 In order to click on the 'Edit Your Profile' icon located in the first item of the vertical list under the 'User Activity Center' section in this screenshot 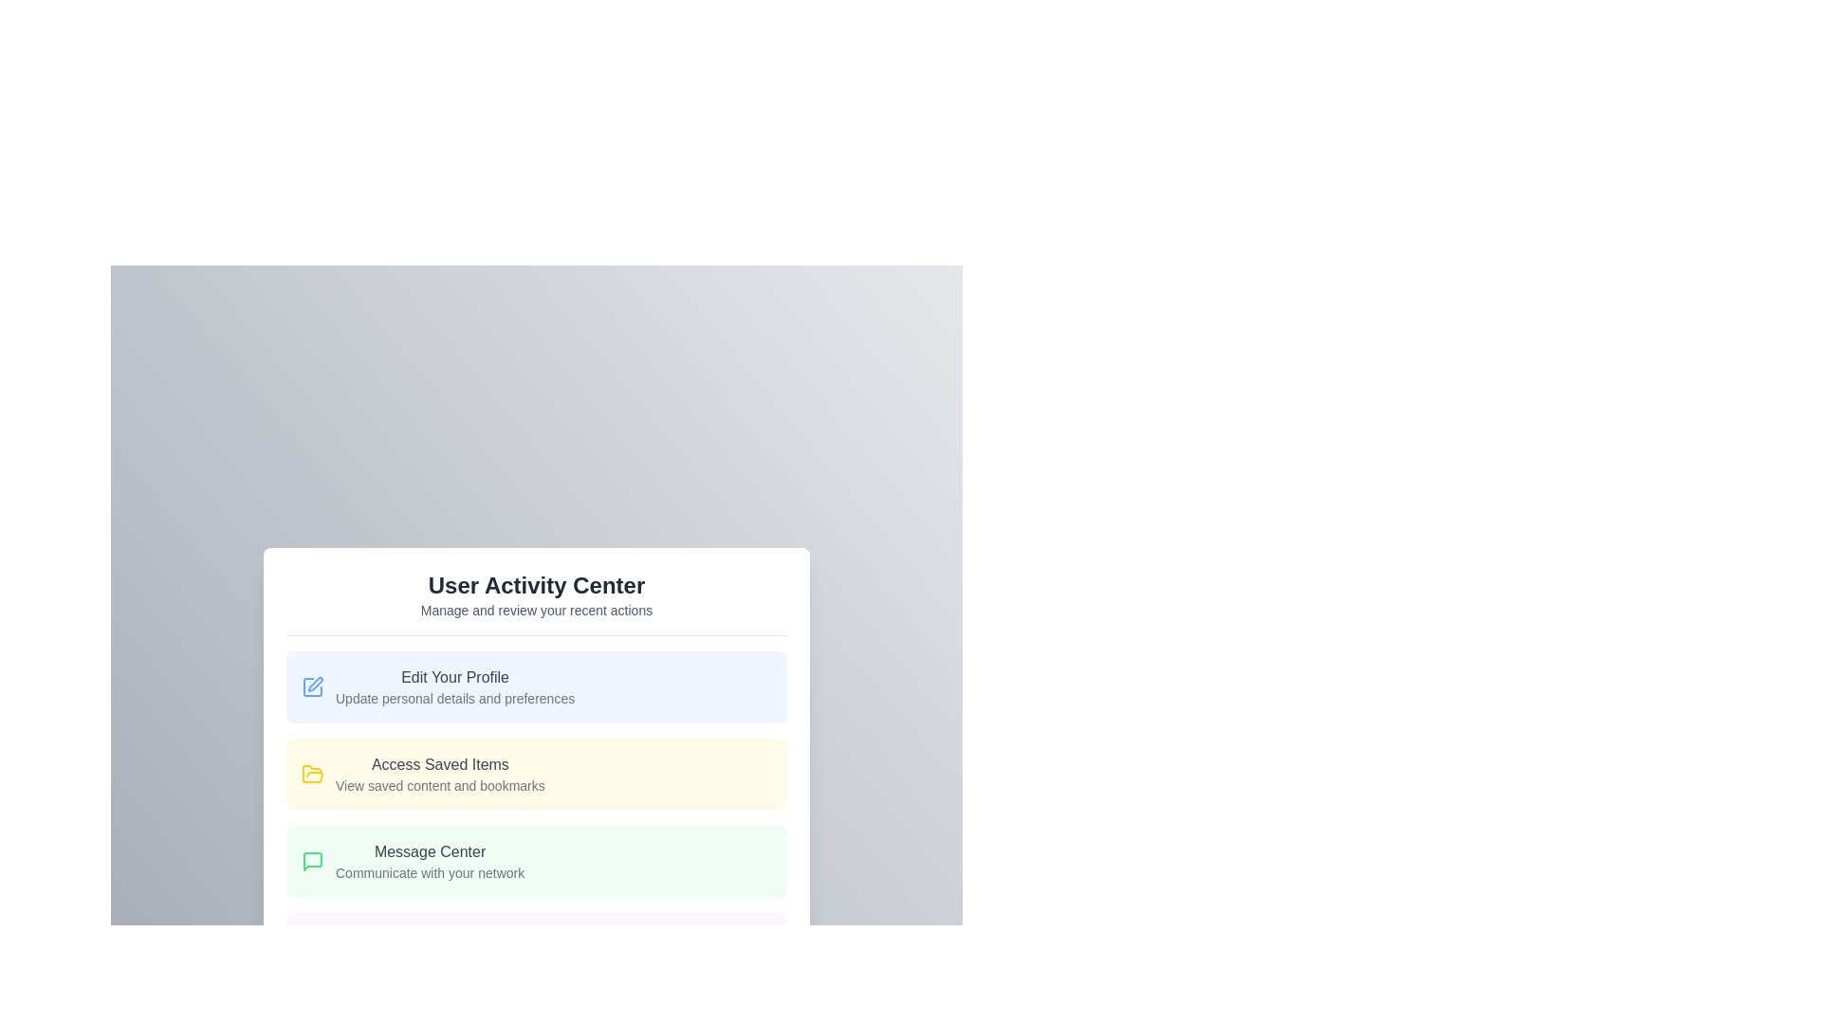, I will do `click(313, 686)`.